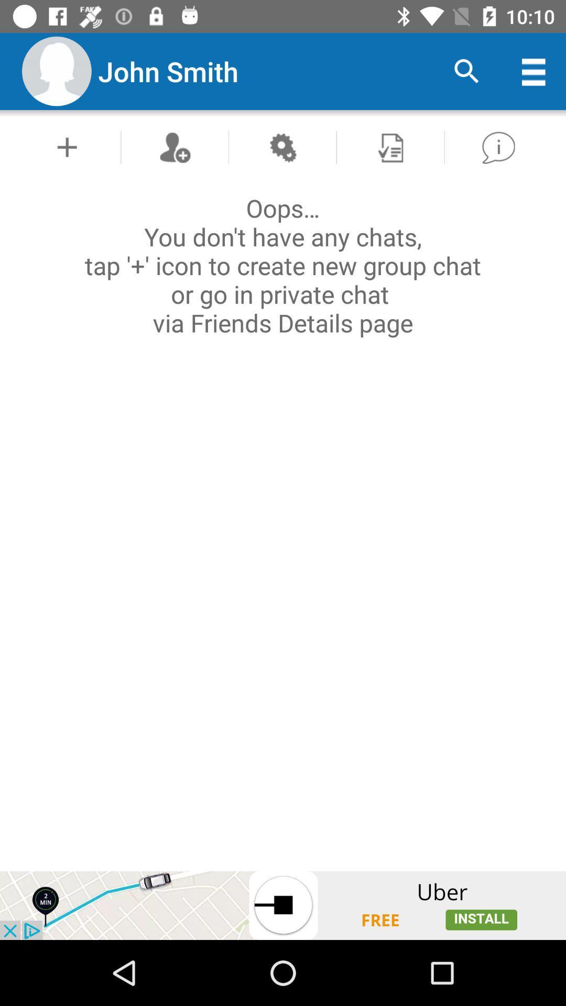 This screenshot has width=566, height=1006. What do you see at coordinates (498, 147) in the screenshot?
I see `go back` at bounding box center [498, 147].